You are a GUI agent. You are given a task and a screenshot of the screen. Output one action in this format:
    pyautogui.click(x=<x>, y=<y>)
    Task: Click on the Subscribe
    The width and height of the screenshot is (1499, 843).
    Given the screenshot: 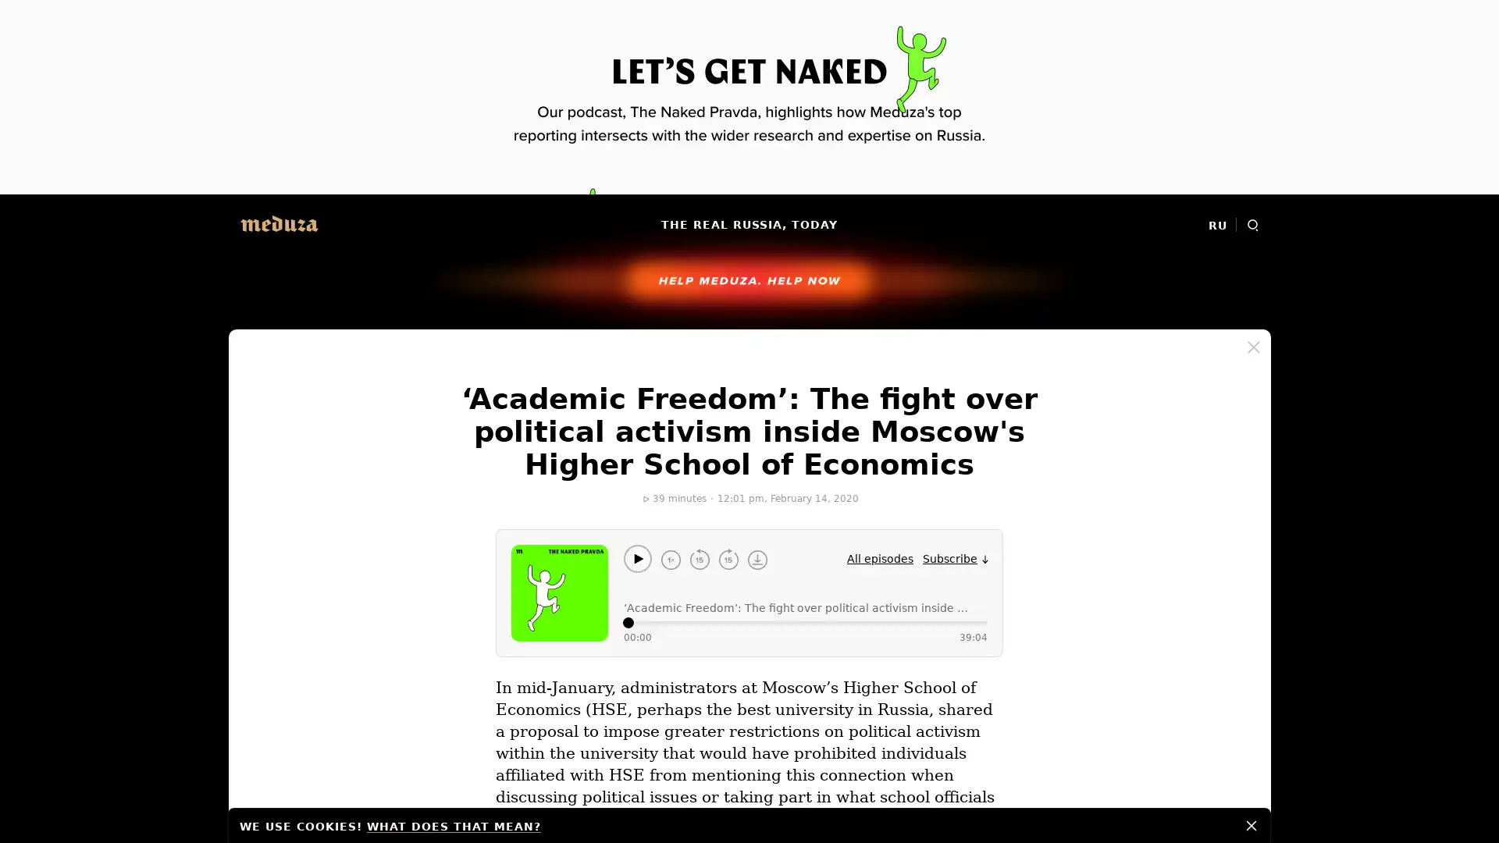 What is the action you would take?
    pyautogui.click(x=955, y=558)
    